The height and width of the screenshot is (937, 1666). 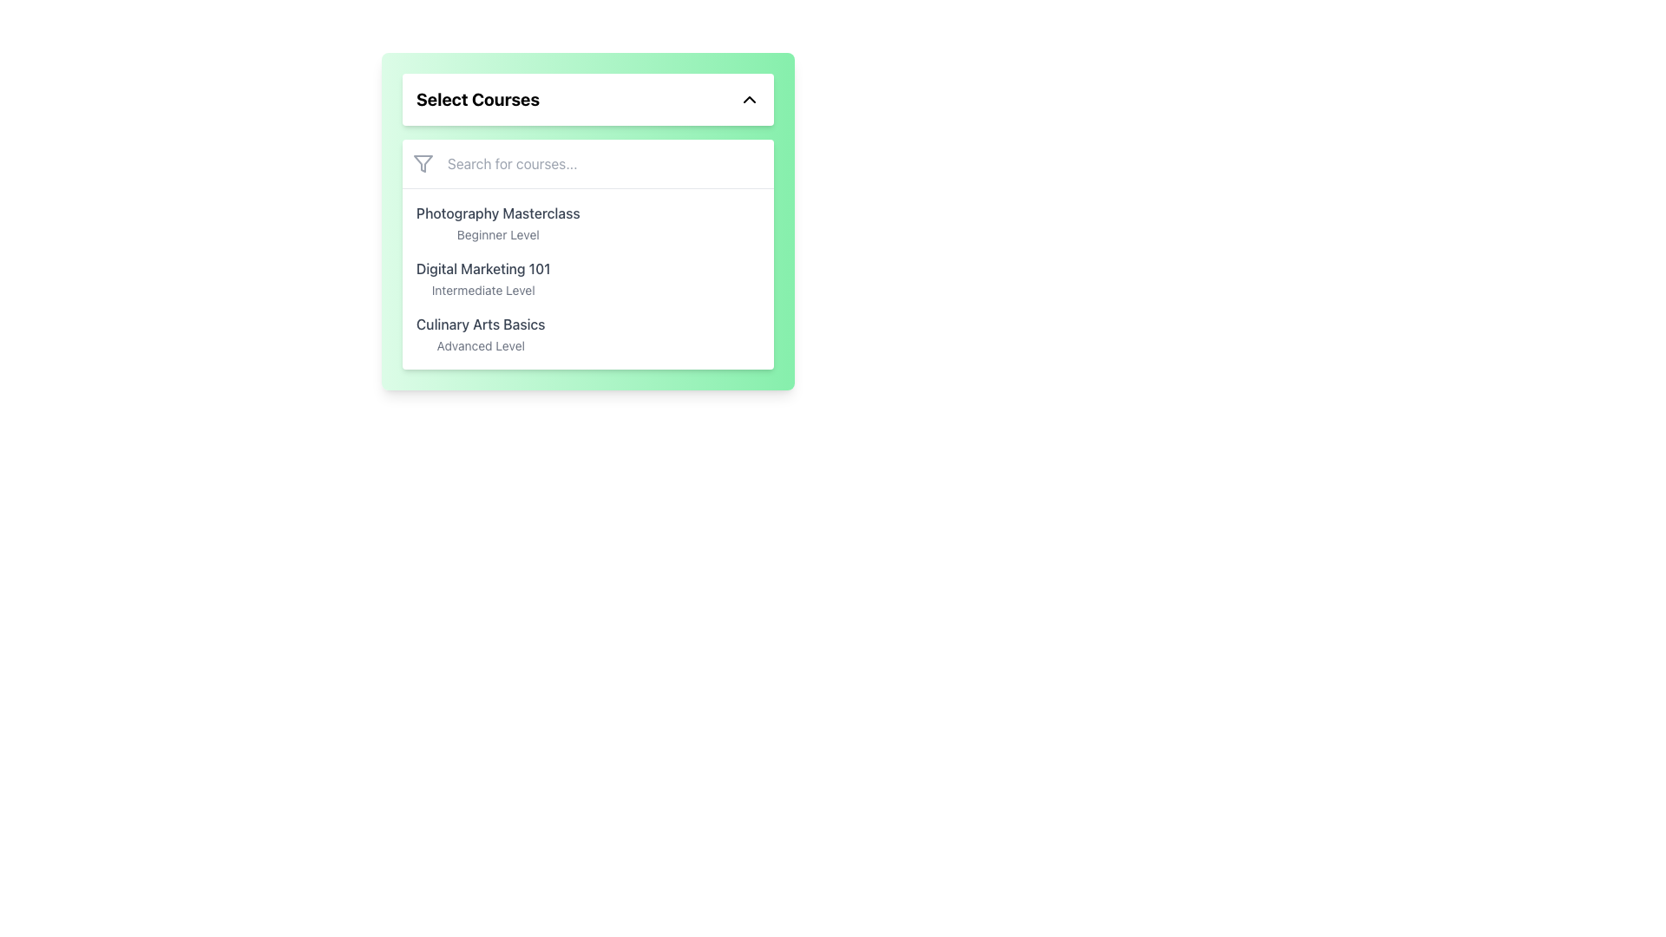 What do you see at coordinates (481, 334) in the screenshot?
I see `the 'Culinary Arts Basics' course option from the dropdown labeled 'Select Courses' by clicking on the text label that appears as the third option in the list` at bounding box center [481, 334].